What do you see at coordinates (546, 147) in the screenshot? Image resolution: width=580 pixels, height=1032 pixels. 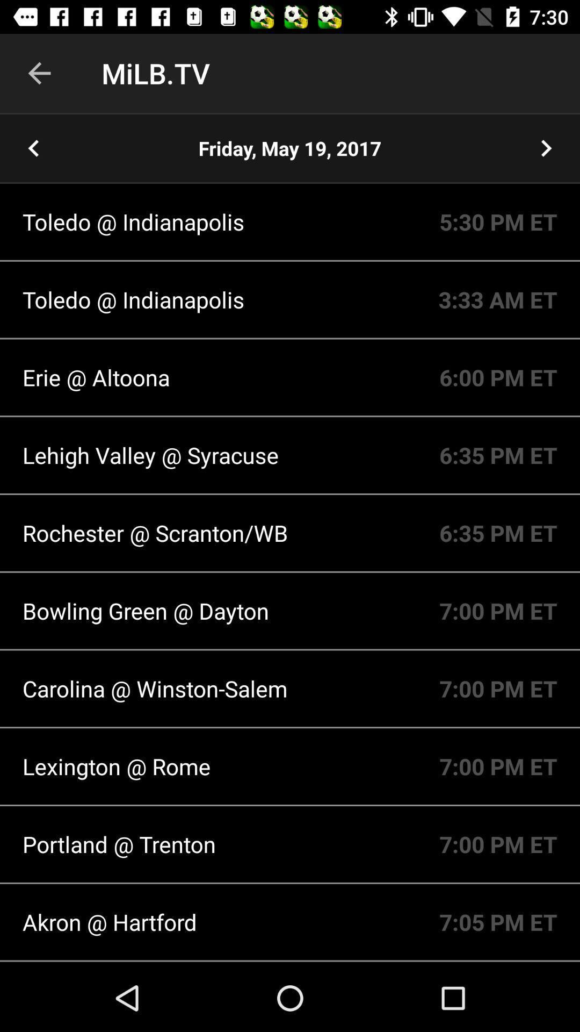 I see `go next date` at bounding box center [546, 147].